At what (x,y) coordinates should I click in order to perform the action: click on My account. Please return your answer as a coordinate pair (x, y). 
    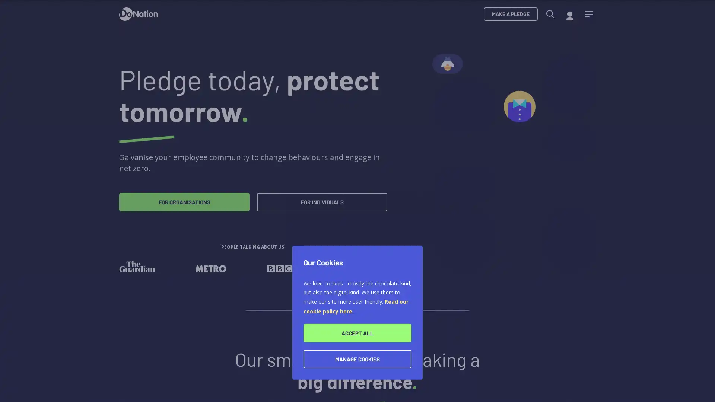
    Looking at the image, I should click on (569, 14).